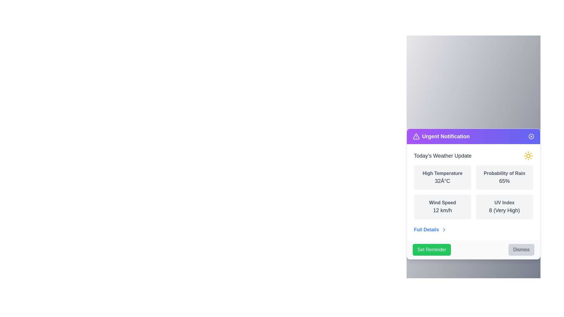  Describe the element at coordinates (441, 136) in the screenshot. I see `the urgent notification header displayed at the top of the purple header bar, which is centrally positioned and flanked by an icon on the left and a close button on the right` at that location.